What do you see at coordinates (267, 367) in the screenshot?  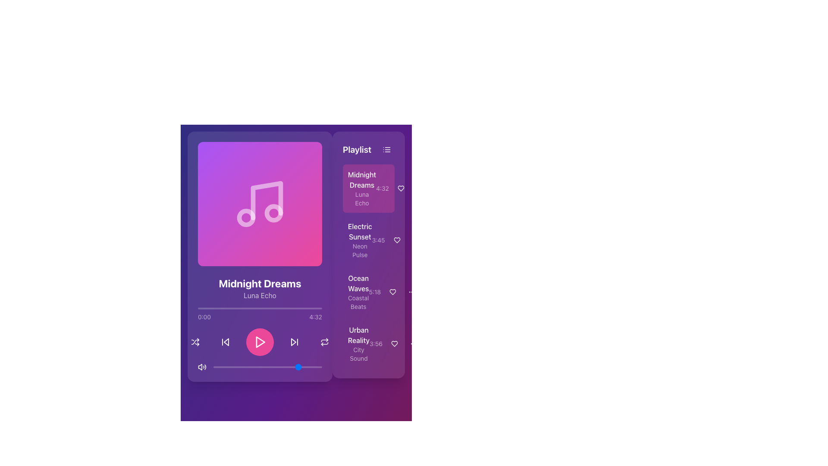 I see `playback progress` at bounding box center [267, 367].